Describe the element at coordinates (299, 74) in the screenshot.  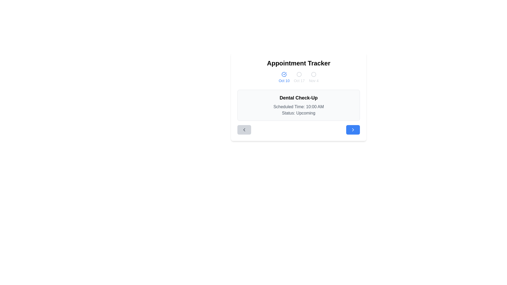
I see `the decorative circle within the SVG graphic that indicates a selectable date option, located near the top center of the display` at that location.